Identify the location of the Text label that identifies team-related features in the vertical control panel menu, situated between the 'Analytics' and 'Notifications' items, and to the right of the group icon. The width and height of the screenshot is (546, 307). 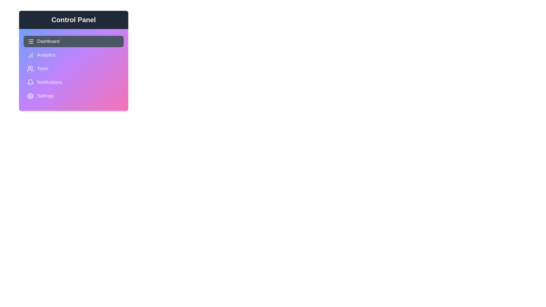
(42, 69).